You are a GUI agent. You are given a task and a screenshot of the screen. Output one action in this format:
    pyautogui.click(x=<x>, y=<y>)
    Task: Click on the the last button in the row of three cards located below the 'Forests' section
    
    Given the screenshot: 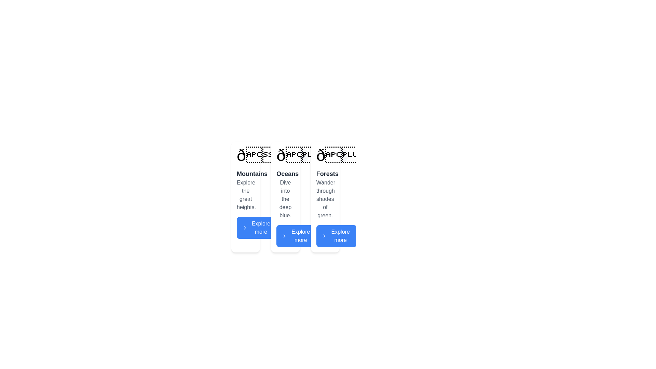 What is the action you would take?
    pyautogui.click(x=336, y=235)
    